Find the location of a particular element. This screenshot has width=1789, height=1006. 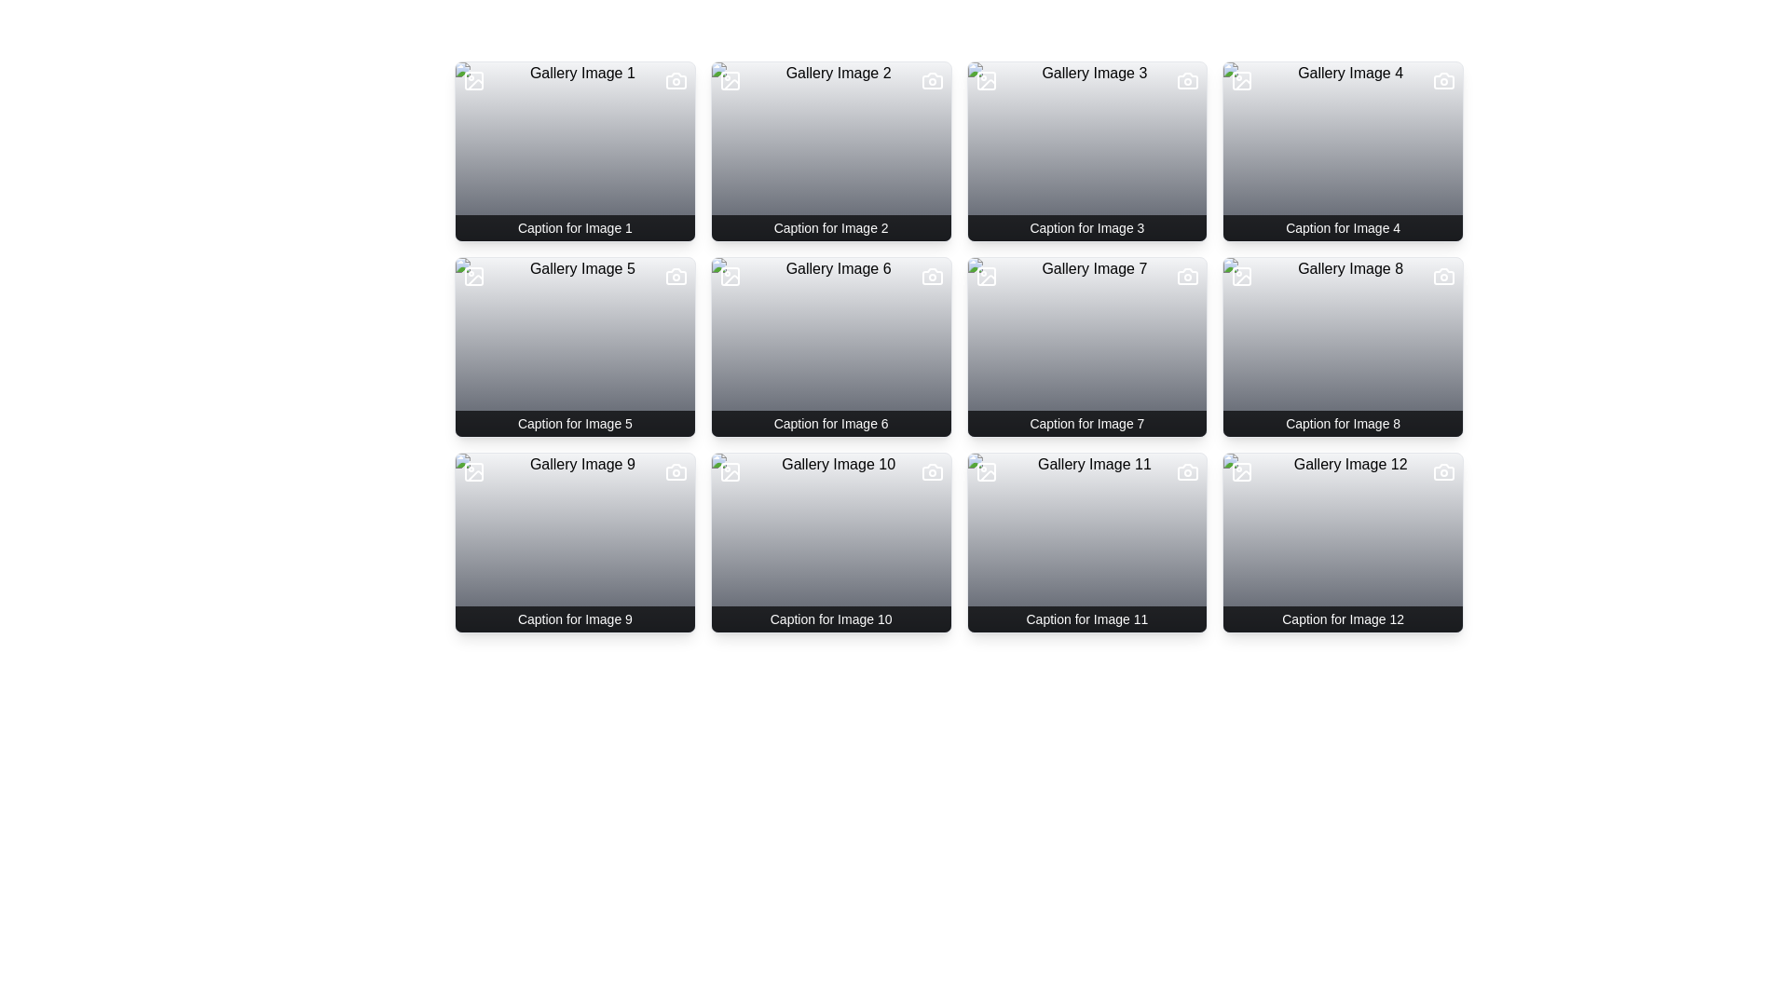

the diagonal line element within the SVG icon that is part of the 'Gallery Image 12', located in the bottom-right corner of the grid is located at coordinates (1243, 475).